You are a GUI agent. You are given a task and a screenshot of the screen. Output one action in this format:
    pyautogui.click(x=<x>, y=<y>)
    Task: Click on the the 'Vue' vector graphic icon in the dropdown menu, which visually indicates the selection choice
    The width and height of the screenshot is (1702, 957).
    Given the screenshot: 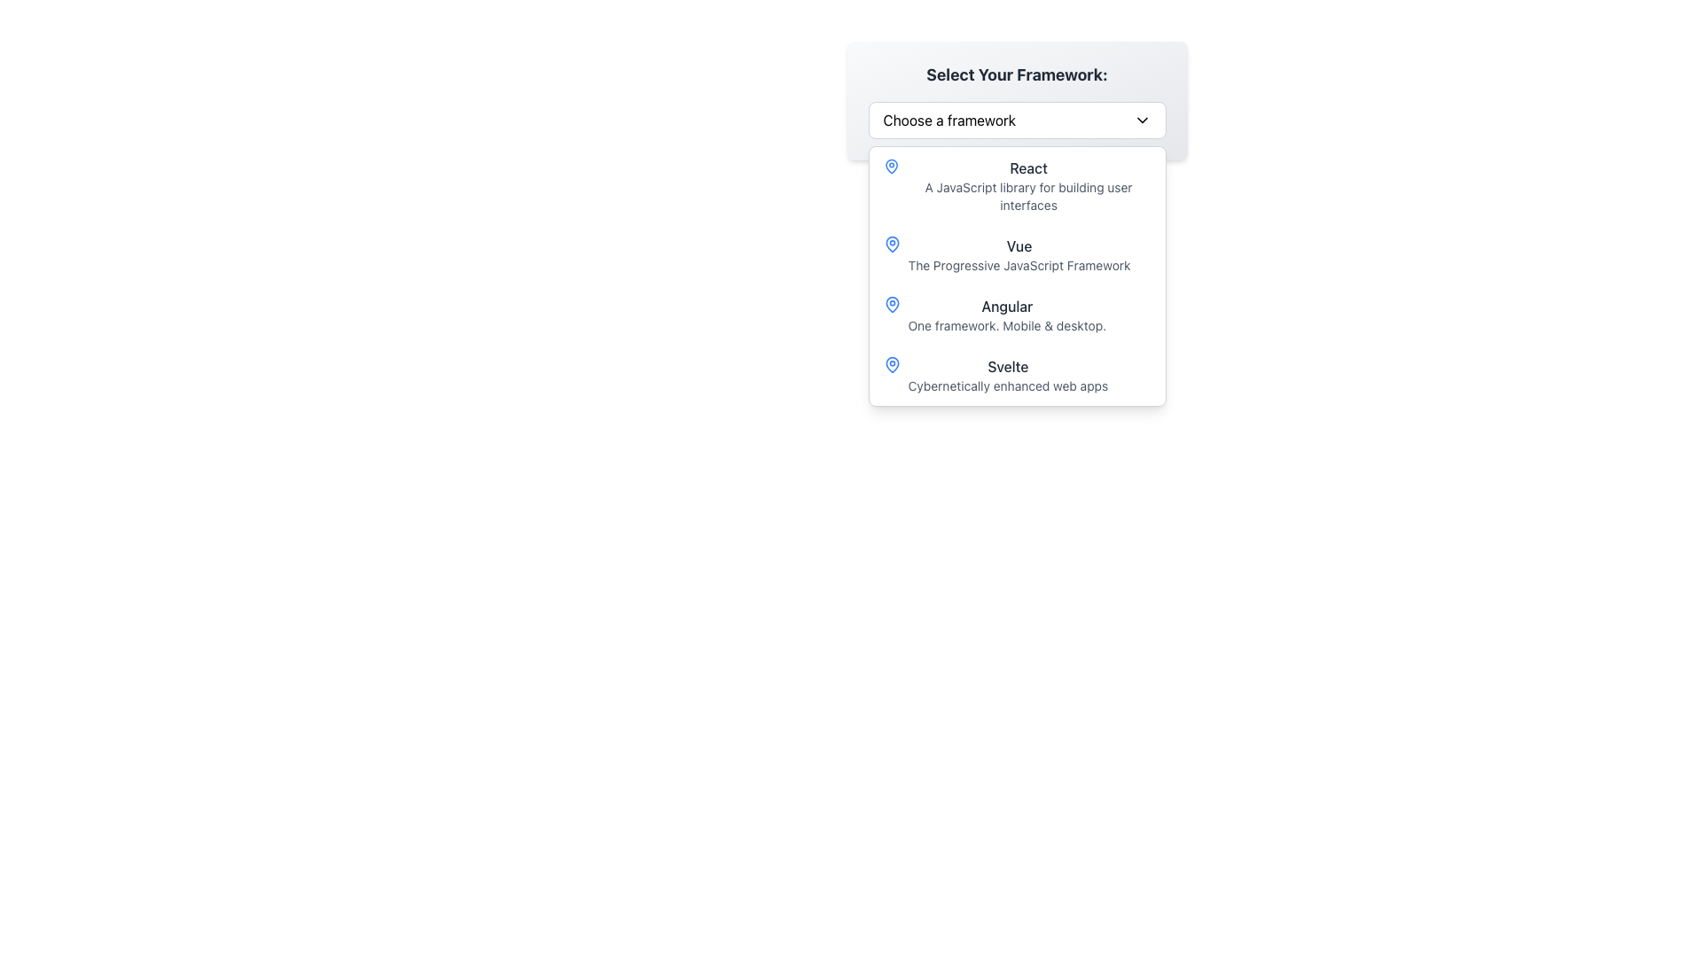 What is the action you would take?
    pyautogui.click(x=892, y=245)
    